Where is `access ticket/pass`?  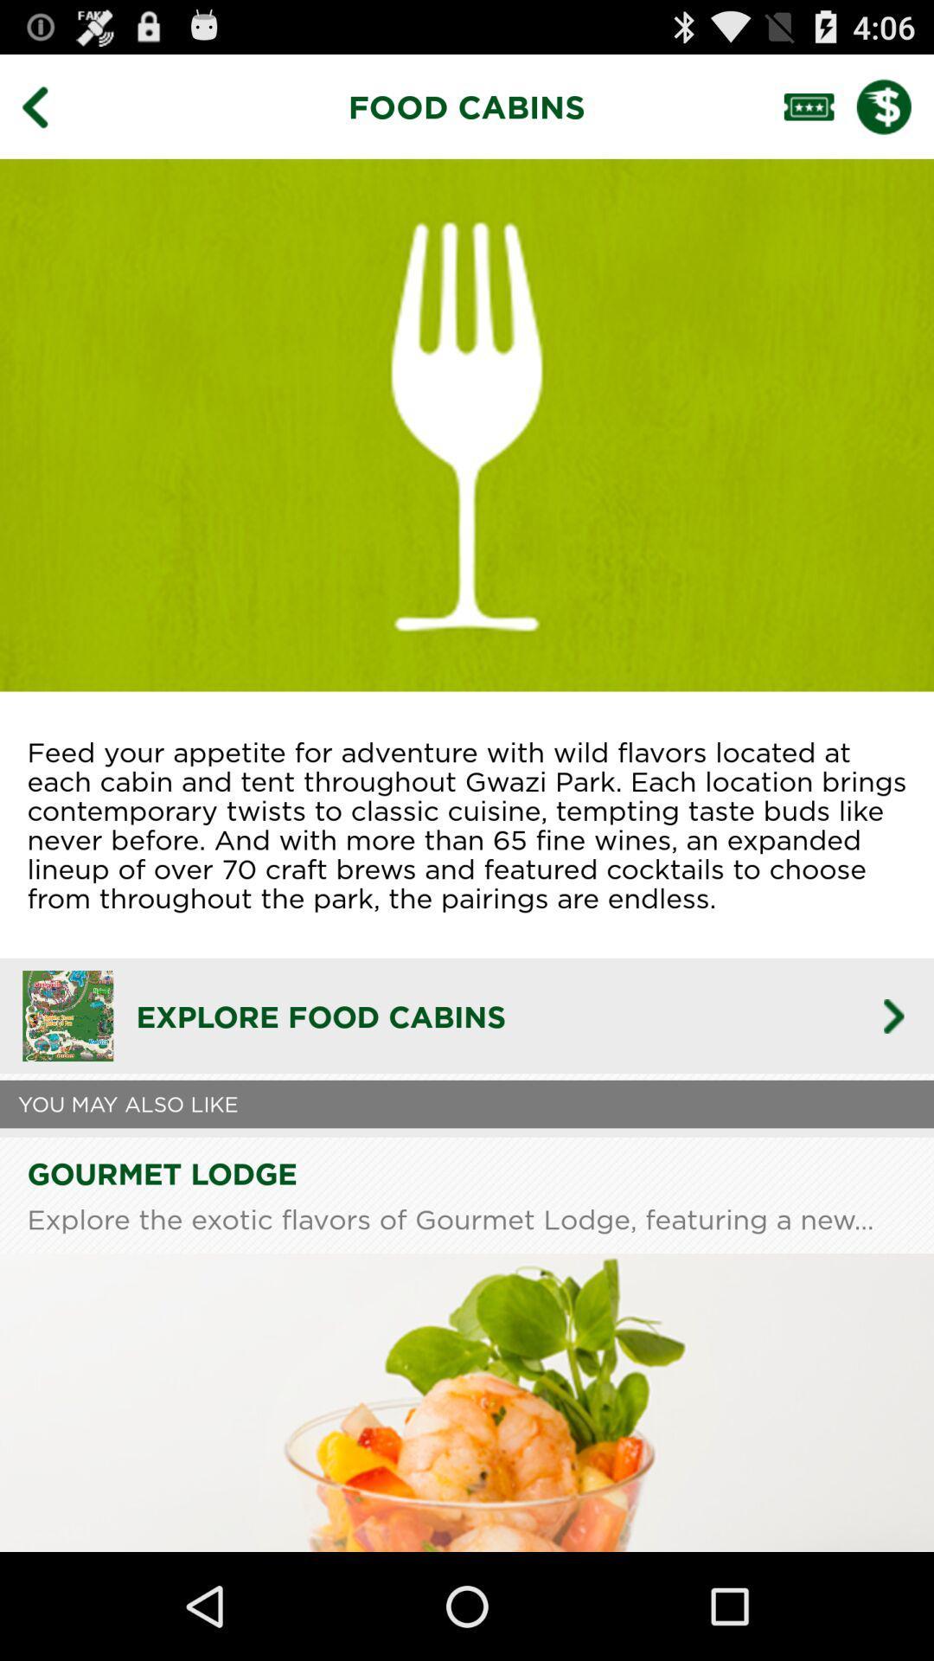 access ticket/pass is located at coordinates (819, 106).